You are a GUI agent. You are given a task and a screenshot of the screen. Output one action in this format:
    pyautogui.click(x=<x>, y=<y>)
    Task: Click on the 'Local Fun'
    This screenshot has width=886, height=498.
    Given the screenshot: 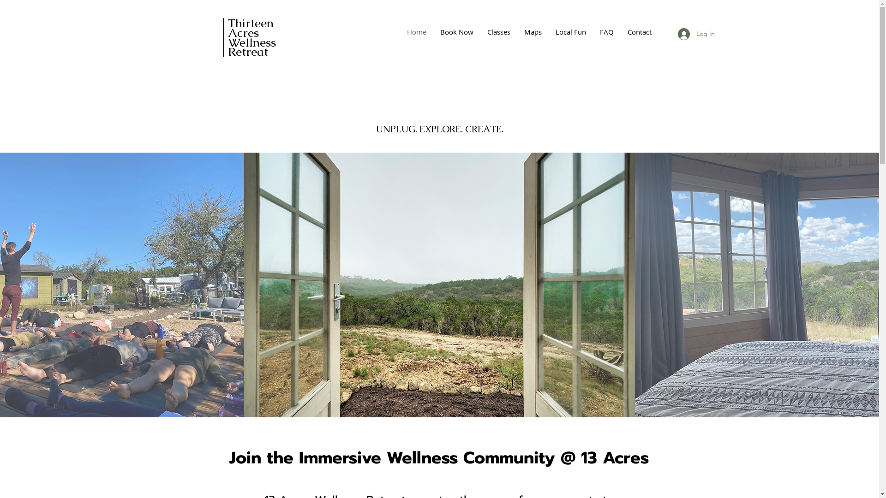 What is the action you would take?
    pyautogui.click(x=570, y=31)
    